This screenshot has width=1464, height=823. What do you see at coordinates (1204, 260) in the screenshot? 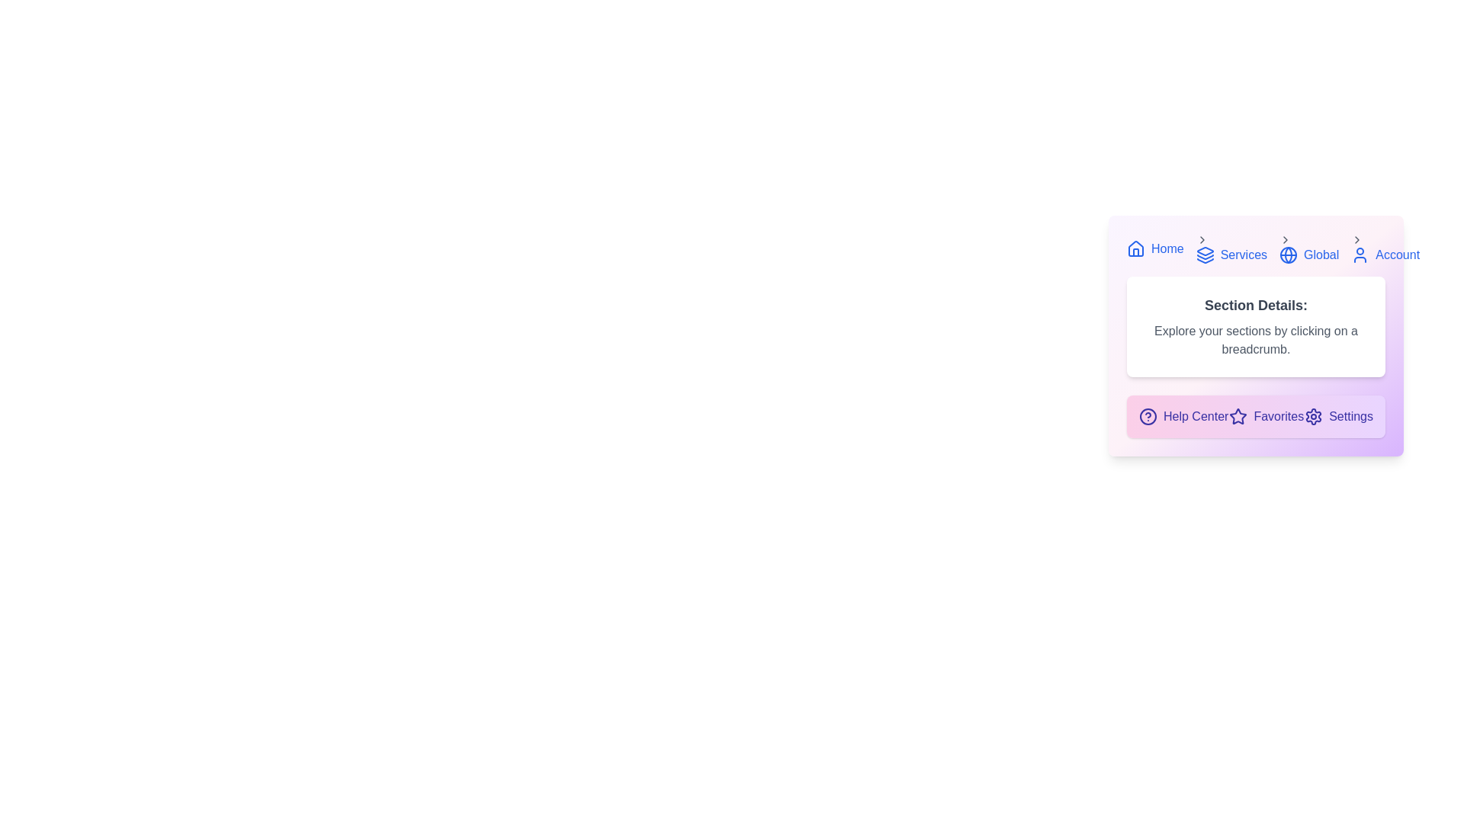
I see `the bottom layer icon in the stack of triangles` at bounding box center [1204, 260].